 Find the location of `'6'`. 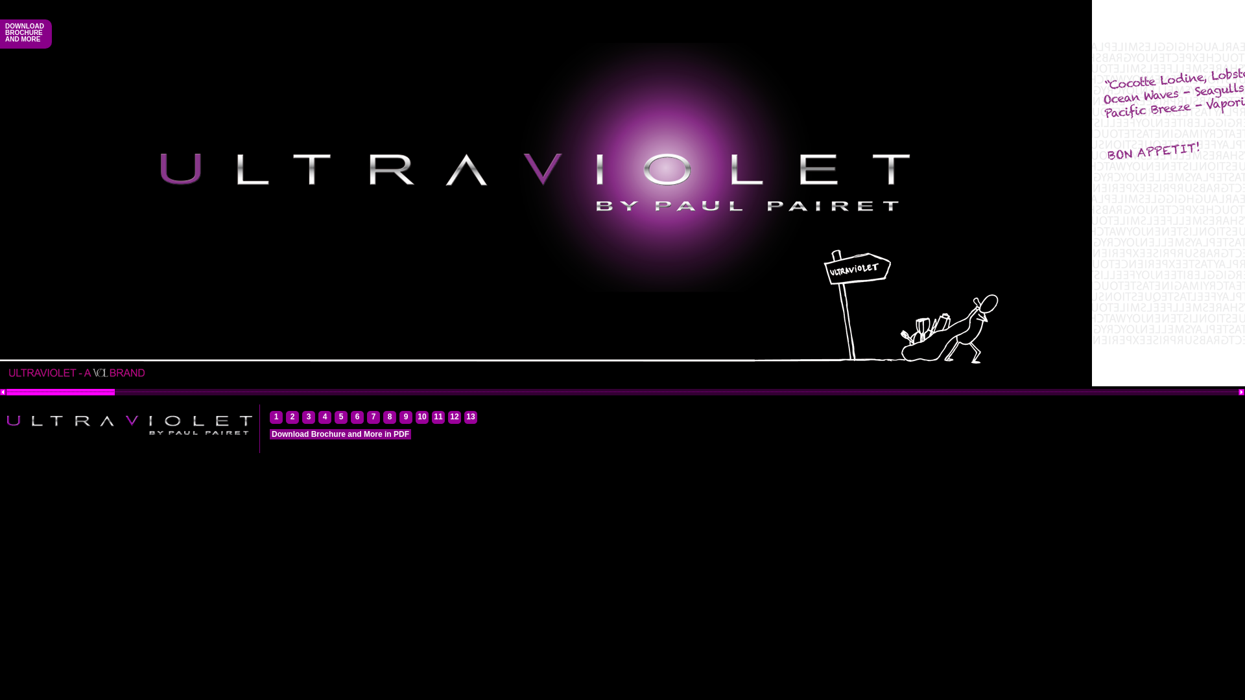

'6' is located at coordinates (357, 417).